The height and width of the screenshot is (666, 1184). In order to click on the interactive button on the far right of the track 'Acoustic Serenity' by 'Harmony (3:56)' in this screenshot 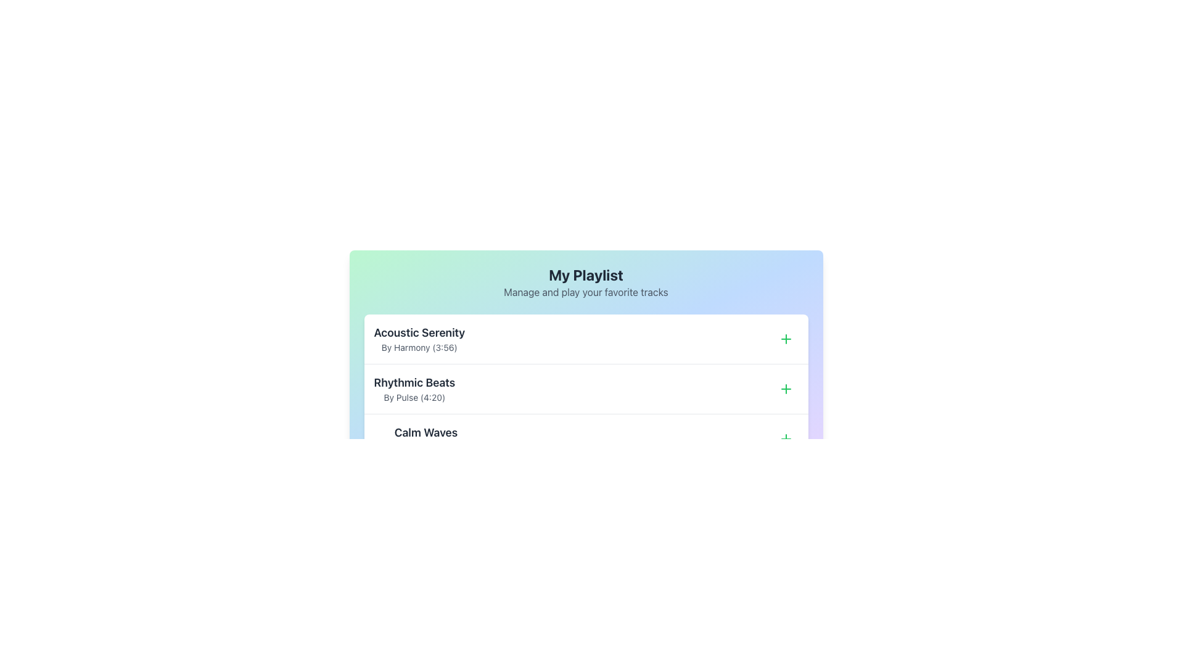, I will do `click(785, 339)`.